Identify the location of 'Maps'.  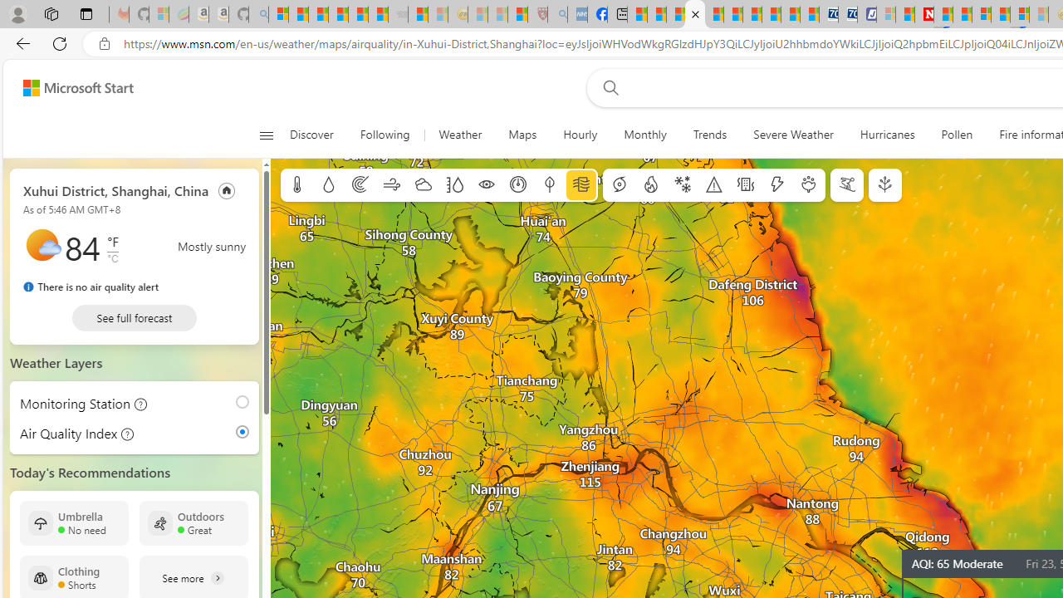
(522, 135).